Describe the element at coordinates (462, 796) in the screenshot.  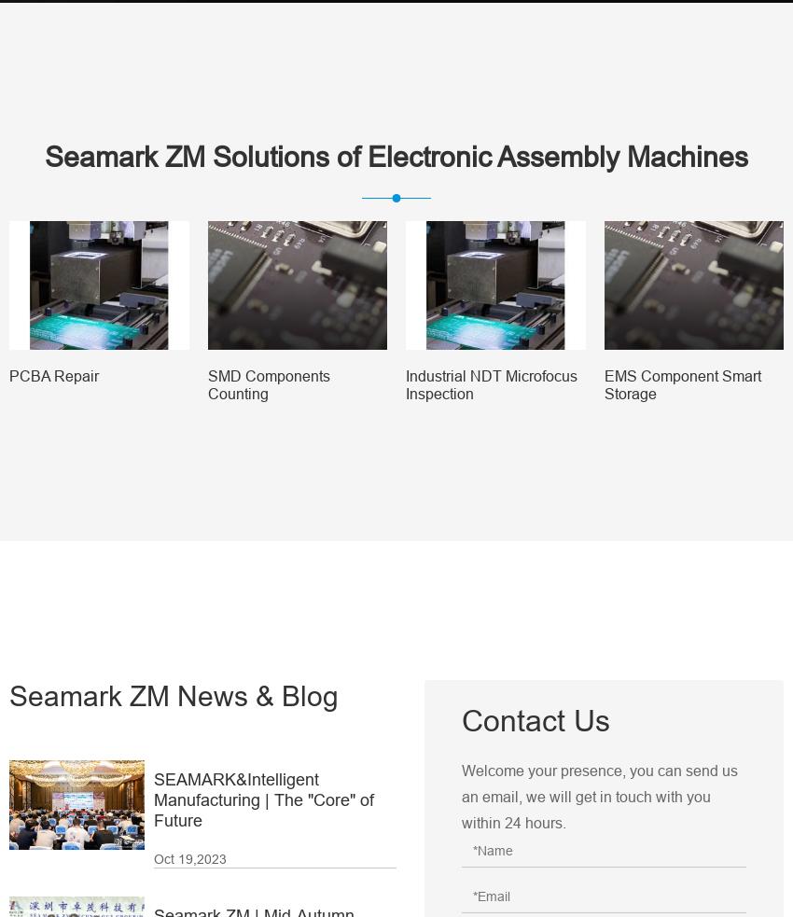
I see `'Welcome your presence, you can send us an email, we will get in touch with you within 24 hours.'` at that location.